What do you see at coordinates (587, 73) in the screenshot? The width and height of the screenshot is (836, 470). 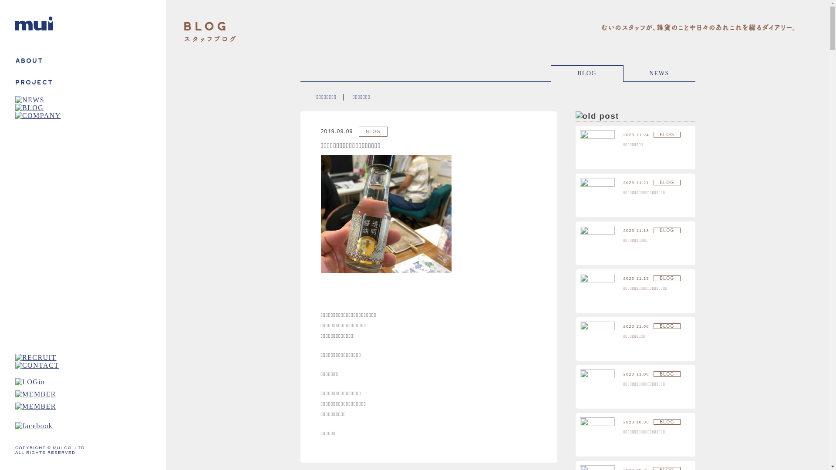 I see `'BLOG'` at bounding box center [587, 73].